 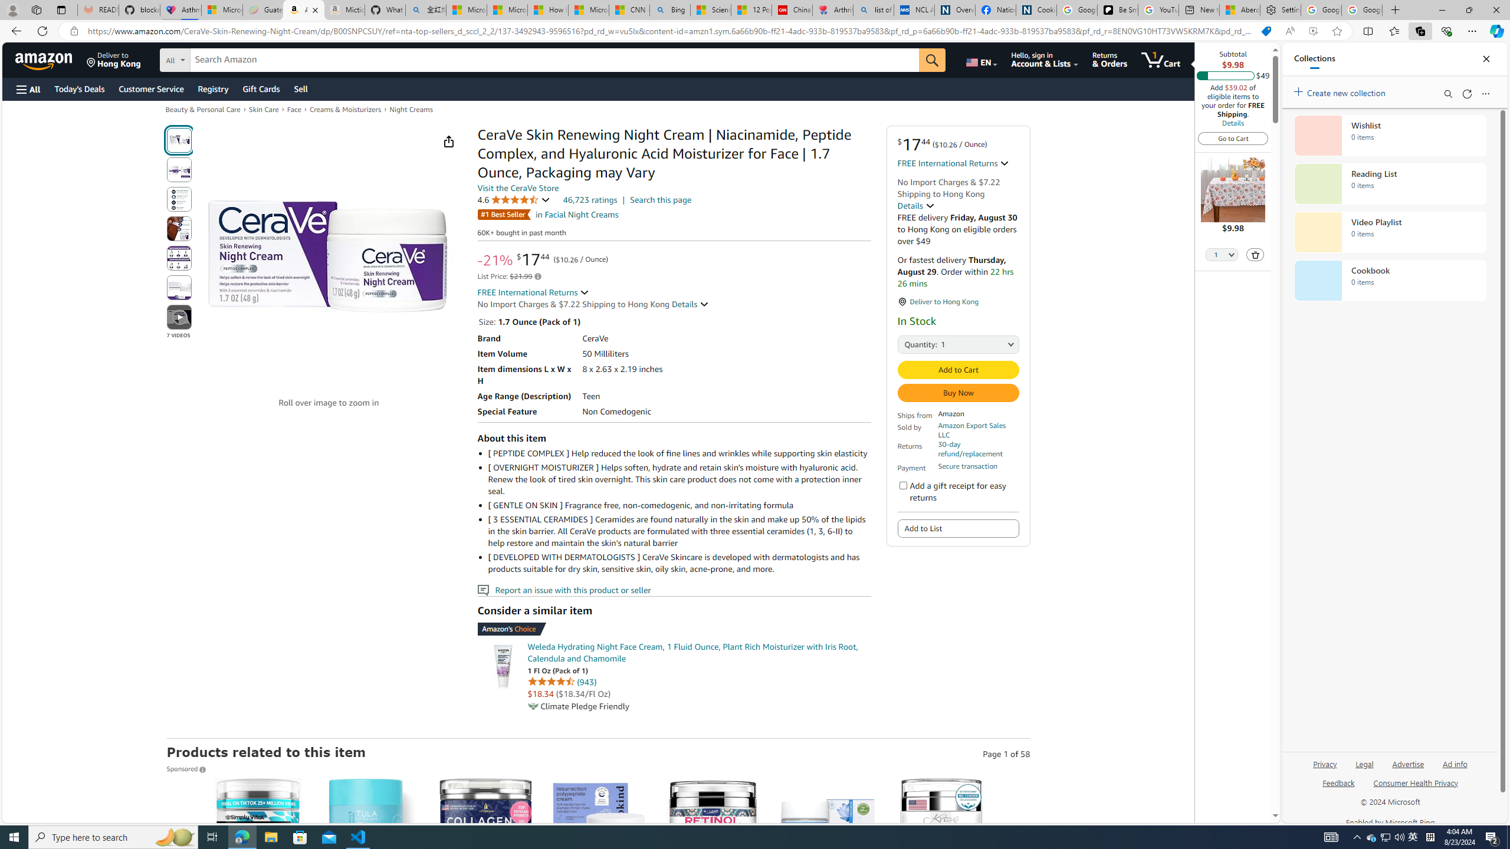 What do you see at coordinates (74, 31) in the screenshot?
I see `'View site information'` at bounding box center [74, 31].